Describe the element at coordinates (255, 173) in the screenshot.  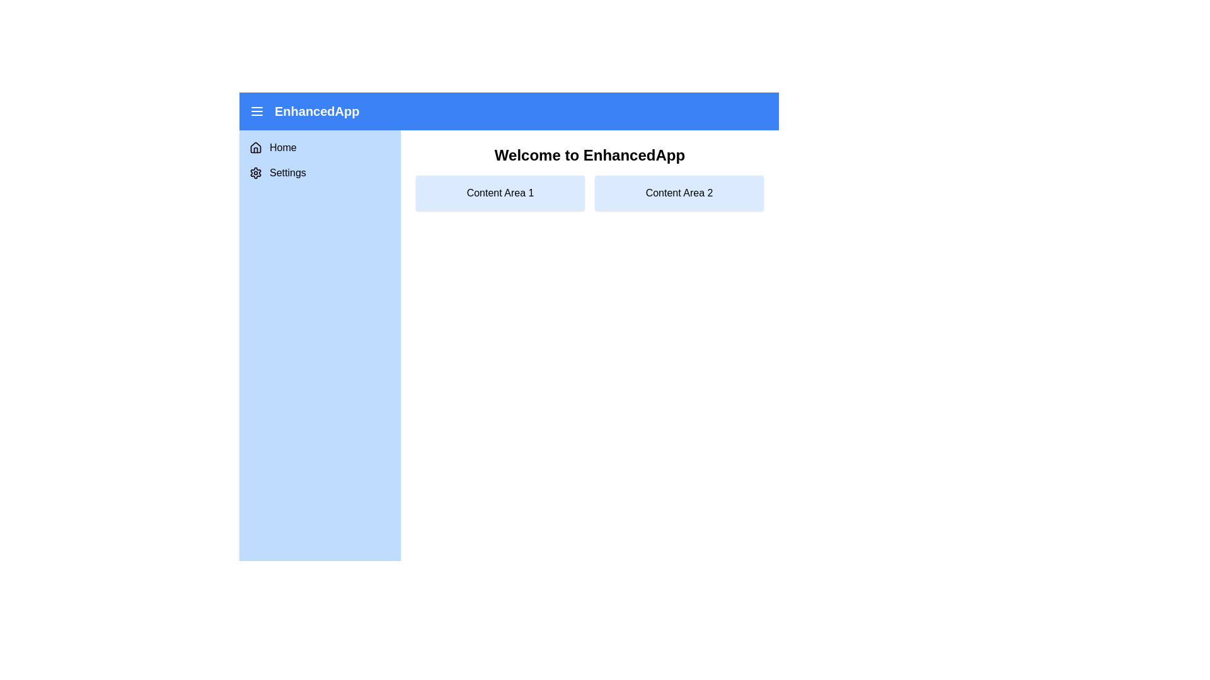
I see `the Settings icon button located in the left sidebar` at that location.